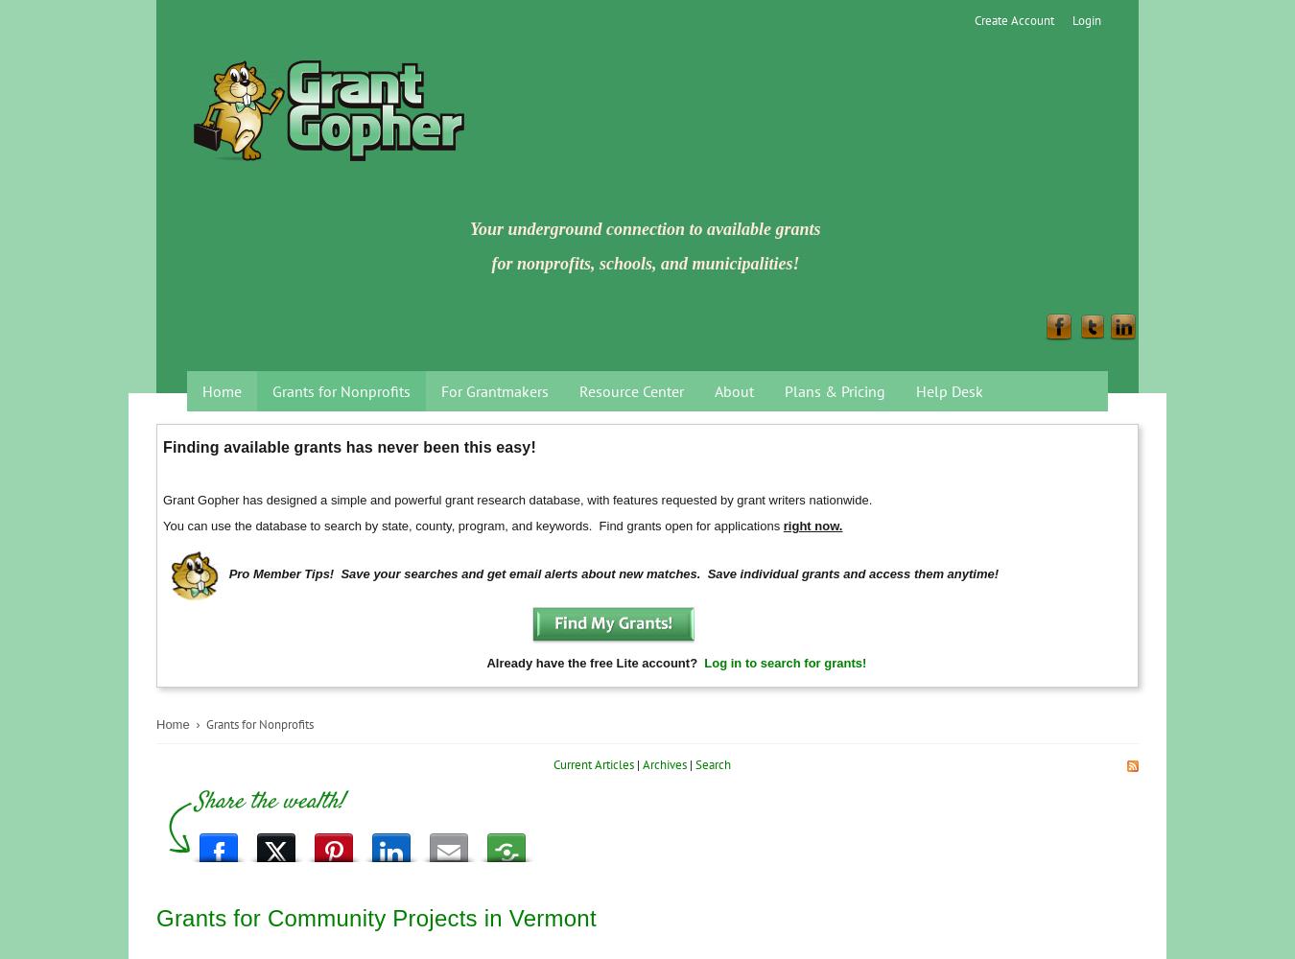 This screenshot has width=1295, height=959. Describe the element at coordinates (467, 263) in the screenshot. I see `'for nonprofits, schools, and municipalities!'` at that location.